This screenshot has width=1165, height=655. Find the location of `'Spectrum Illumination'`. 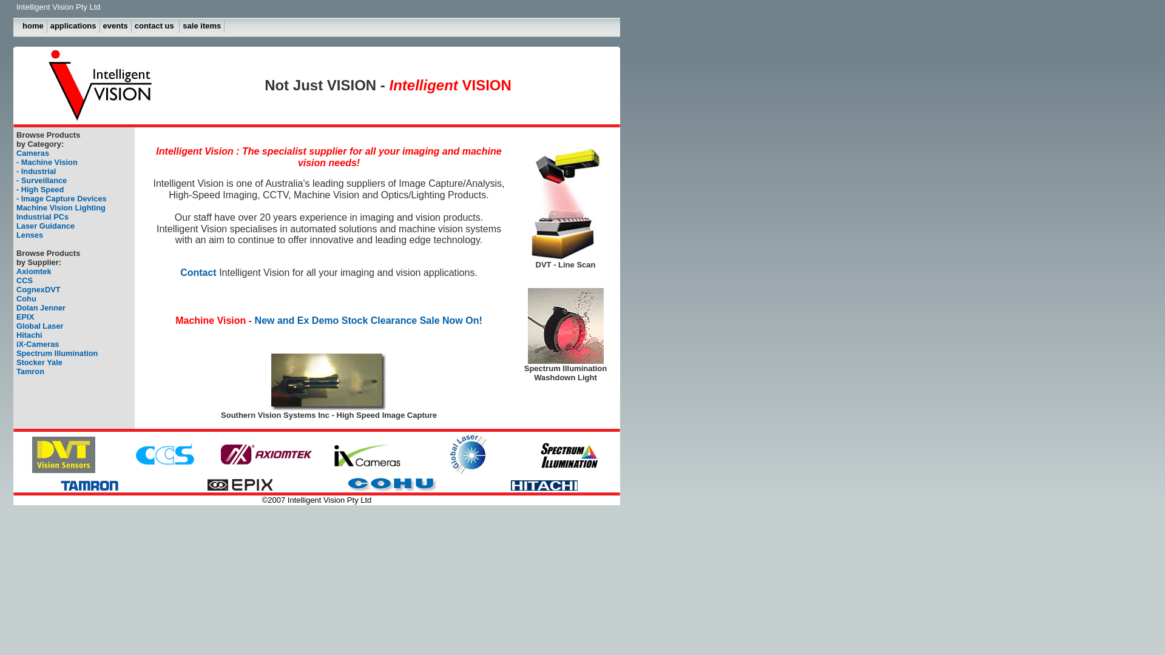

'Spectrum Illumination' is located at coordinates (16, 353).